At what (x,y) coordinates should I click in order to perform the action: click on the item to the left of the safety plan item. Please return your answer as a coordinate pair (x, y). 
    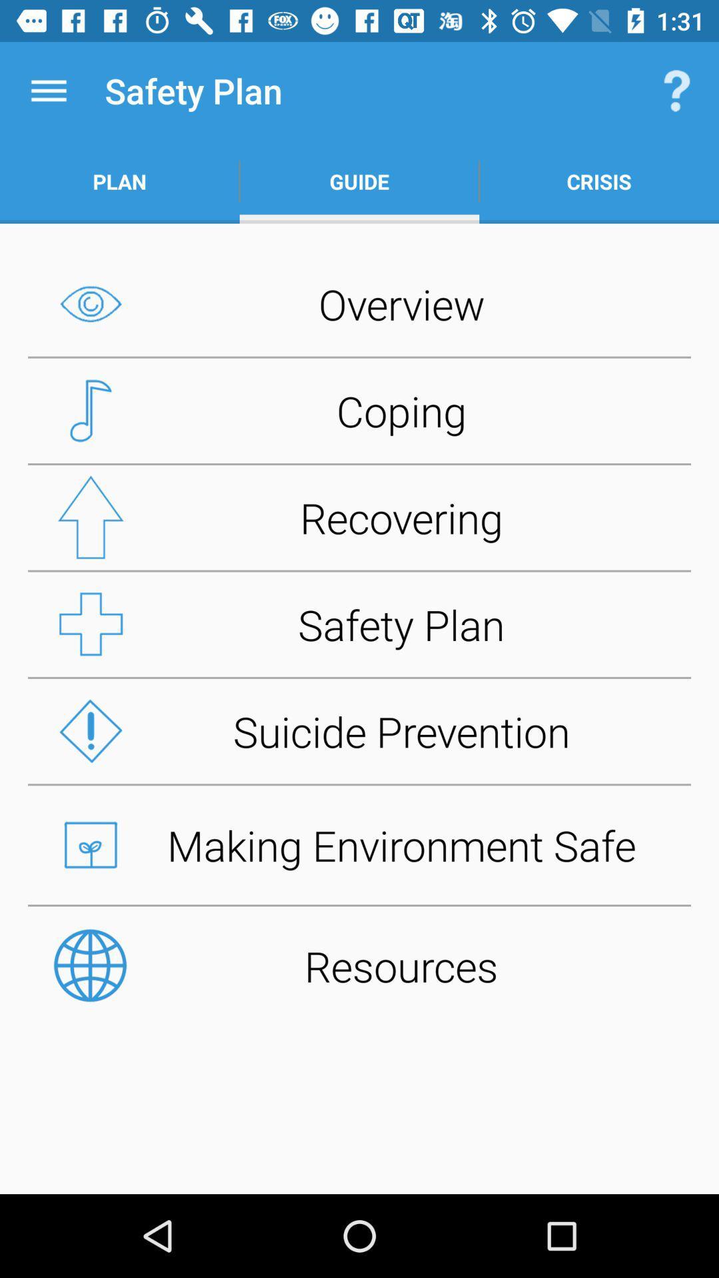
    Looking at the image, I should click on (48, 90).